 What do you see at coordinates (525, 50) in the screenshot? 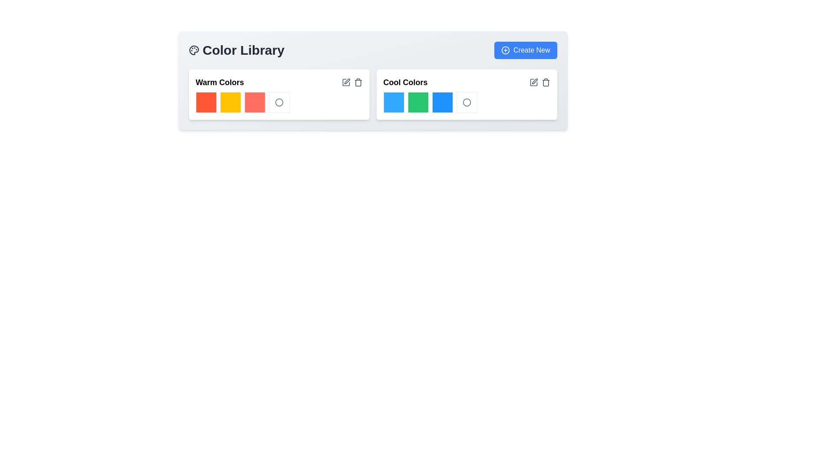
I see `the 'Create New' button` at bounding box center [525, 50].